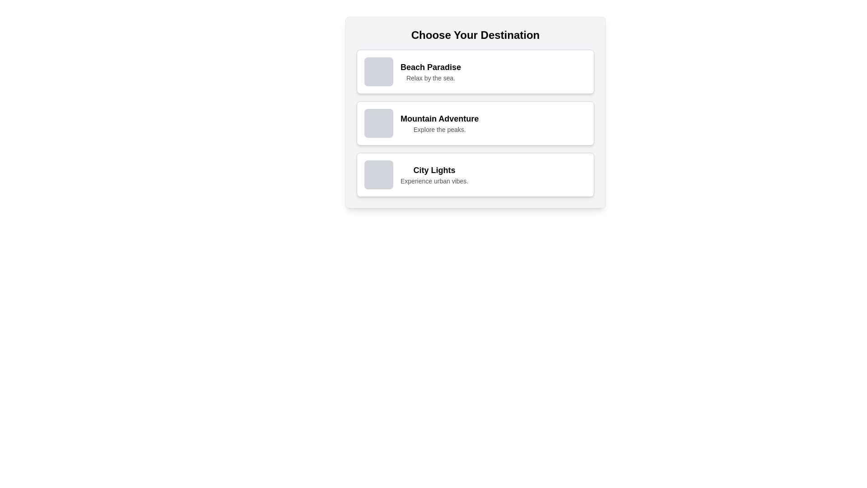 This screenshot has height=488, width=867. Describe the element at coordinates (475, 34) in the screenshot. I see `the text label displaying 'Choose Your Destination', which is positioned at the top of the destination options list` at that location.